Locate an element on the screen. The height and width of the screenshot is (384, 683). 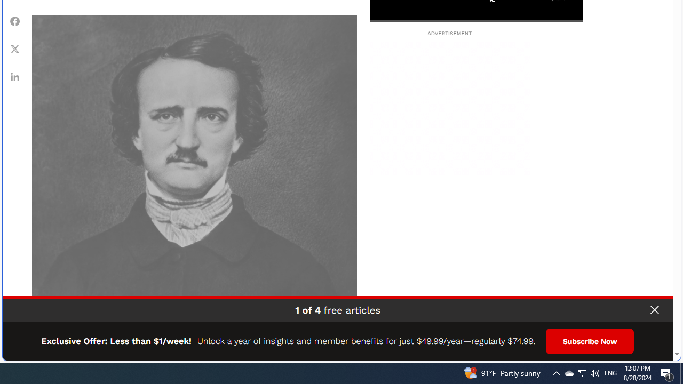
'Q2790: 100%' is located at coordinates (594, 372).